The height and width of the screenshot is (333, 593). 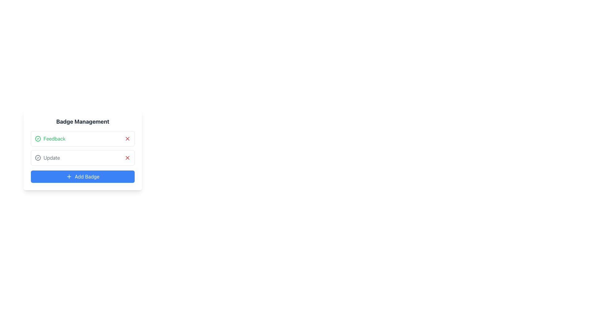 I want to click on the second 'X' button in the 'Update' layout row, so click(x=127, y=158).